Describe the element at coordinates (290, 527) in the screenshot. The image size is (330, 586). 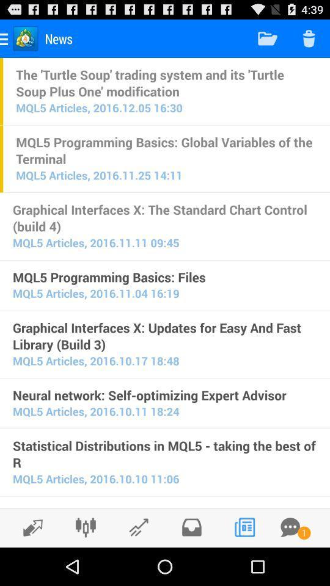
I see `get message` at that location.